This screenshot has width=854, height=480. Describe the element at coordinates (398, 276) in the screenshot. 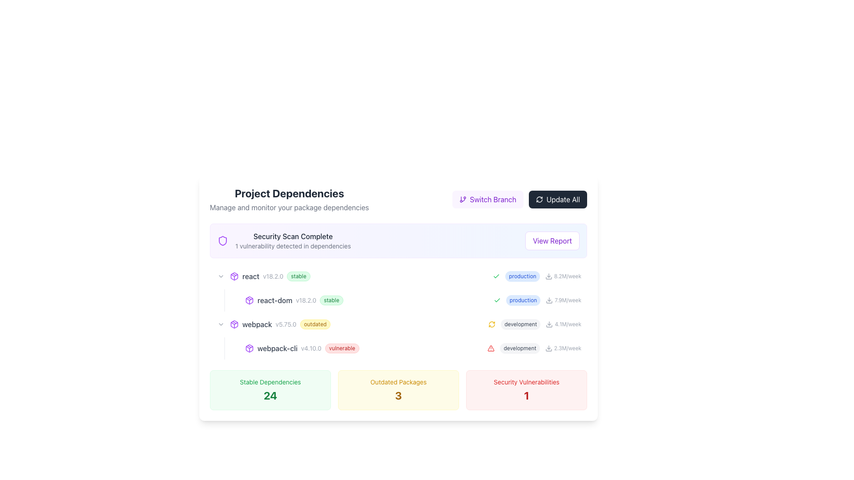

I see `the first entry in the dependencies list labeled 'react'` at that location.